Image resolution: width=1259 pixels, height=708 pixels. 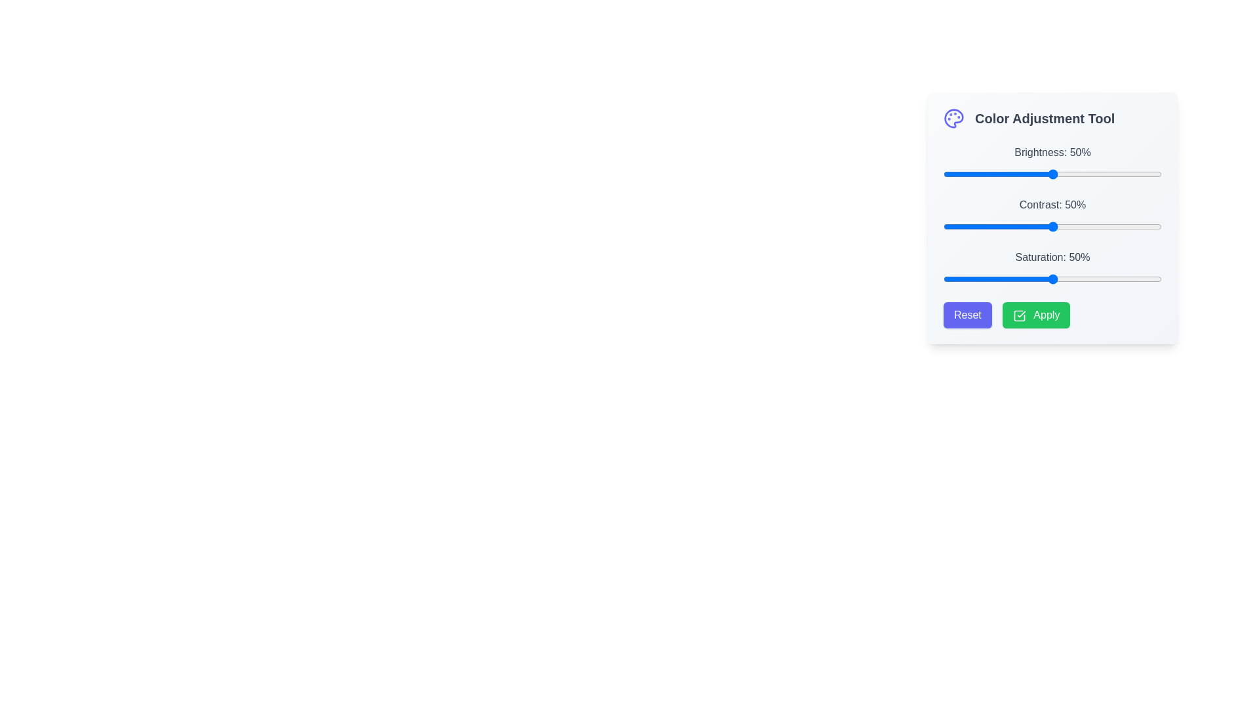 What do you see at coordinates (1037, 226) in the screenshot?
I see `contrast of the image` at bounding box center [1037, 226].